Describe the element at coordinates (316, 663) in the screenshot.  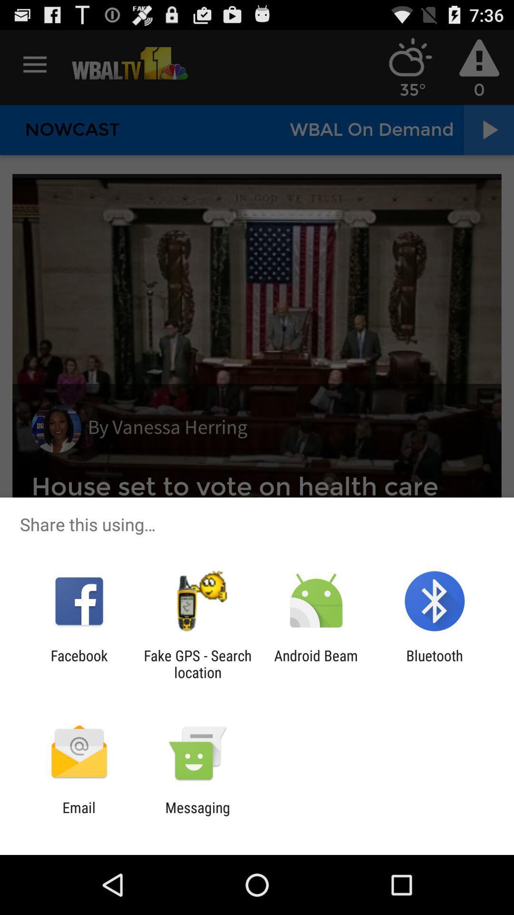
I see `the item next to the fake gps search` at that location.